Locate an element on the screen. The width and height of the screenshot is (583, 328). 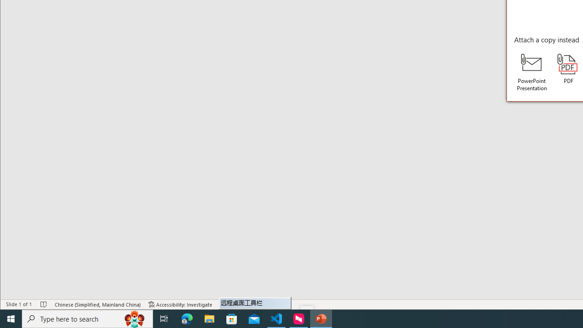
'PowerPoint - 1 running window' is located at coordinates (321, 318).